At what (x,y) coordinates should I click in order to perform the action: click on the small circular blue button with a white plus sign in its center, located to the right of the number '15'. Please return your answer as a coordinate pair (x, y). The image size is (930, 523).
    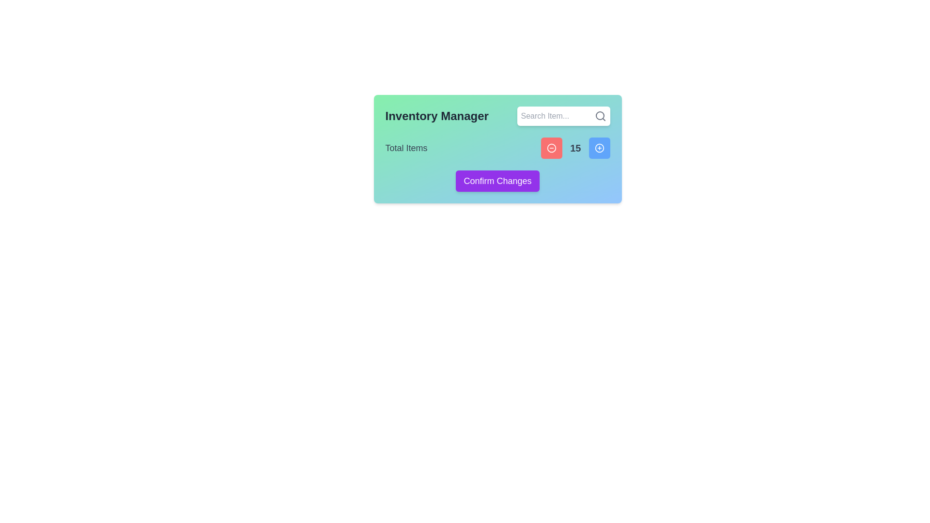
    Looking at the image, I should click on (599, 148).